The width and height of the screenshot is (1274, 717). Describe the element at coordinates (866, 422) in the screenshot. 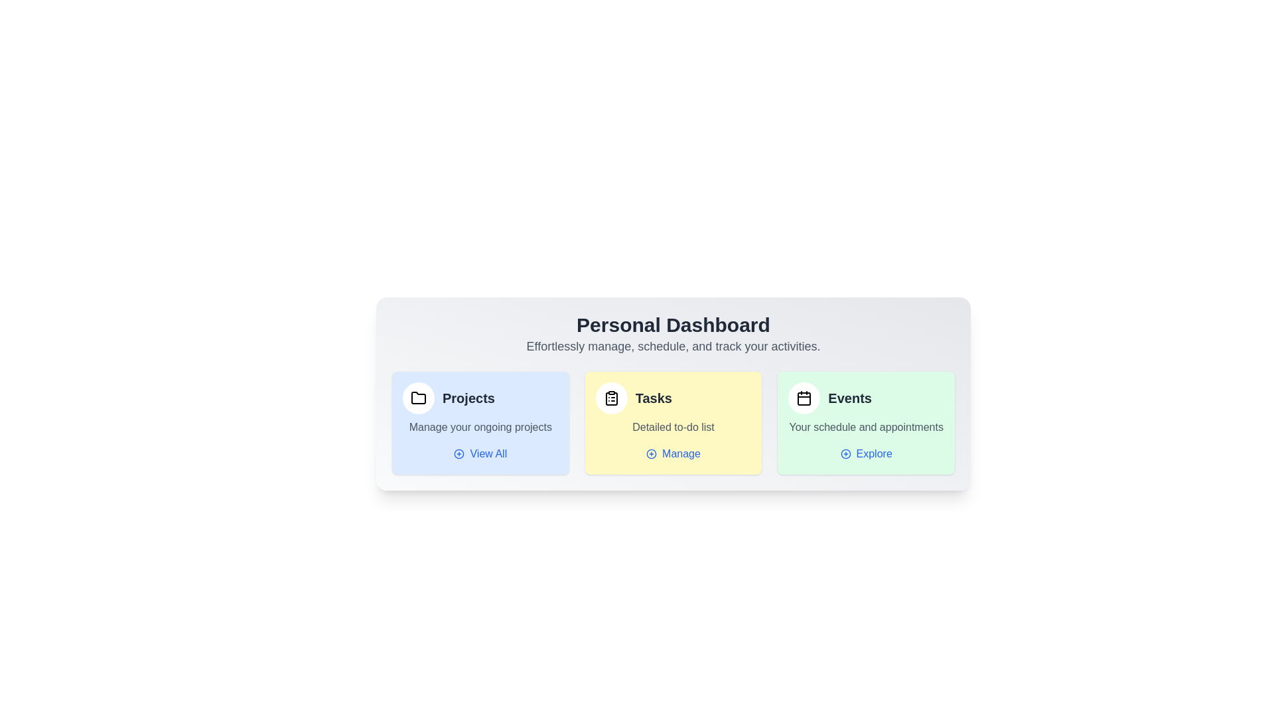

I see `the section labeled Events` at that location.